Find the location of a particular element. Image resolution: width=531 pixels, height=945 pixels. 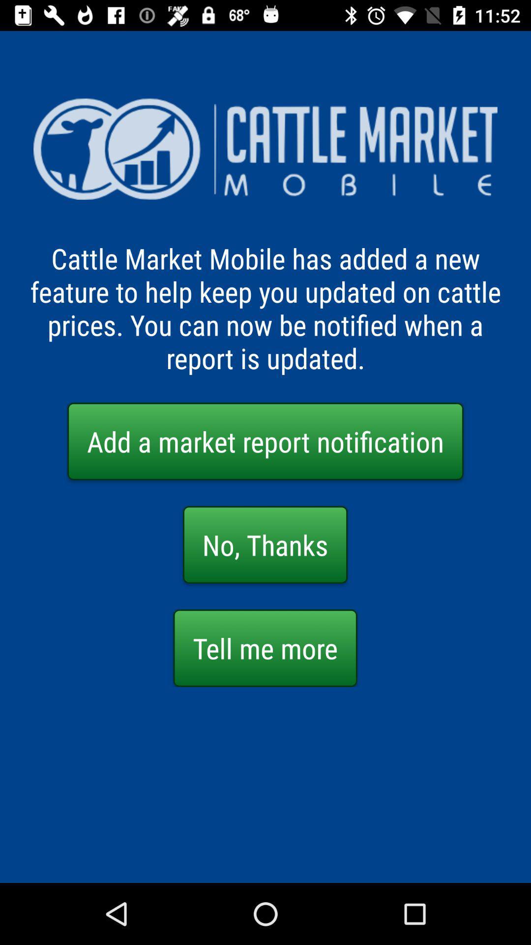

the item below no, thanks icon is located at coordinates (265, 648).